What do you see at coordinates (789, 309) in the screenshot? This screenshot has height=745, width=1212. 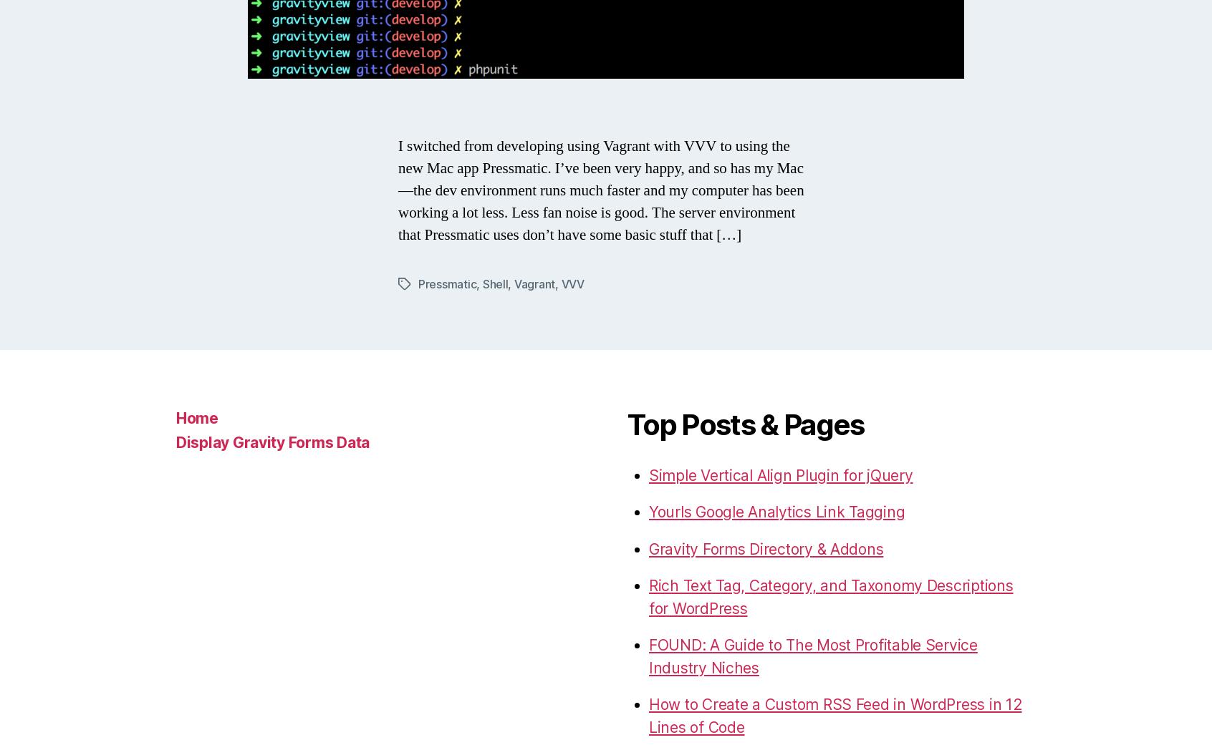 I see `'LoopedIn - Keep Your Customers In The Loop'` at bounding box center [789, 309].